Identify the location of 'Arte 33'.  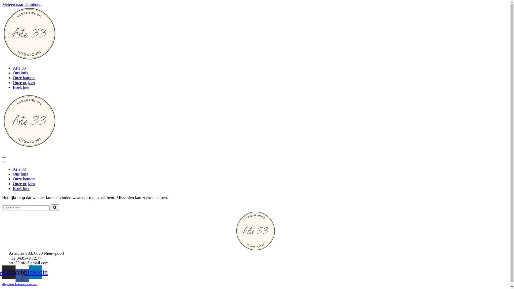
(13, 169).